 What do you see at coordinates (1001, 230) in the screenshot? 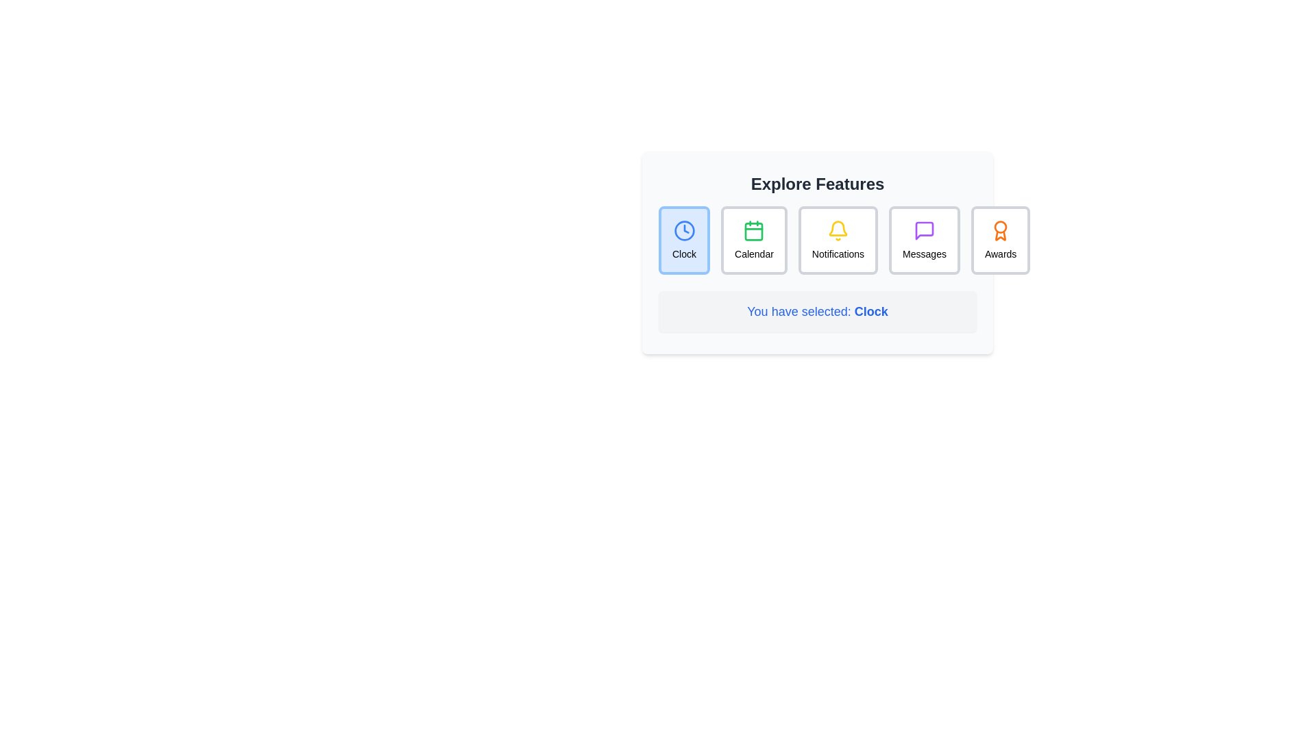
I see `the orange award ribbon icon located on the far-right side of the icons under the 'Explore Features' heading, which is directly above the 'Awards' label` at bounding box center [1001, 230].